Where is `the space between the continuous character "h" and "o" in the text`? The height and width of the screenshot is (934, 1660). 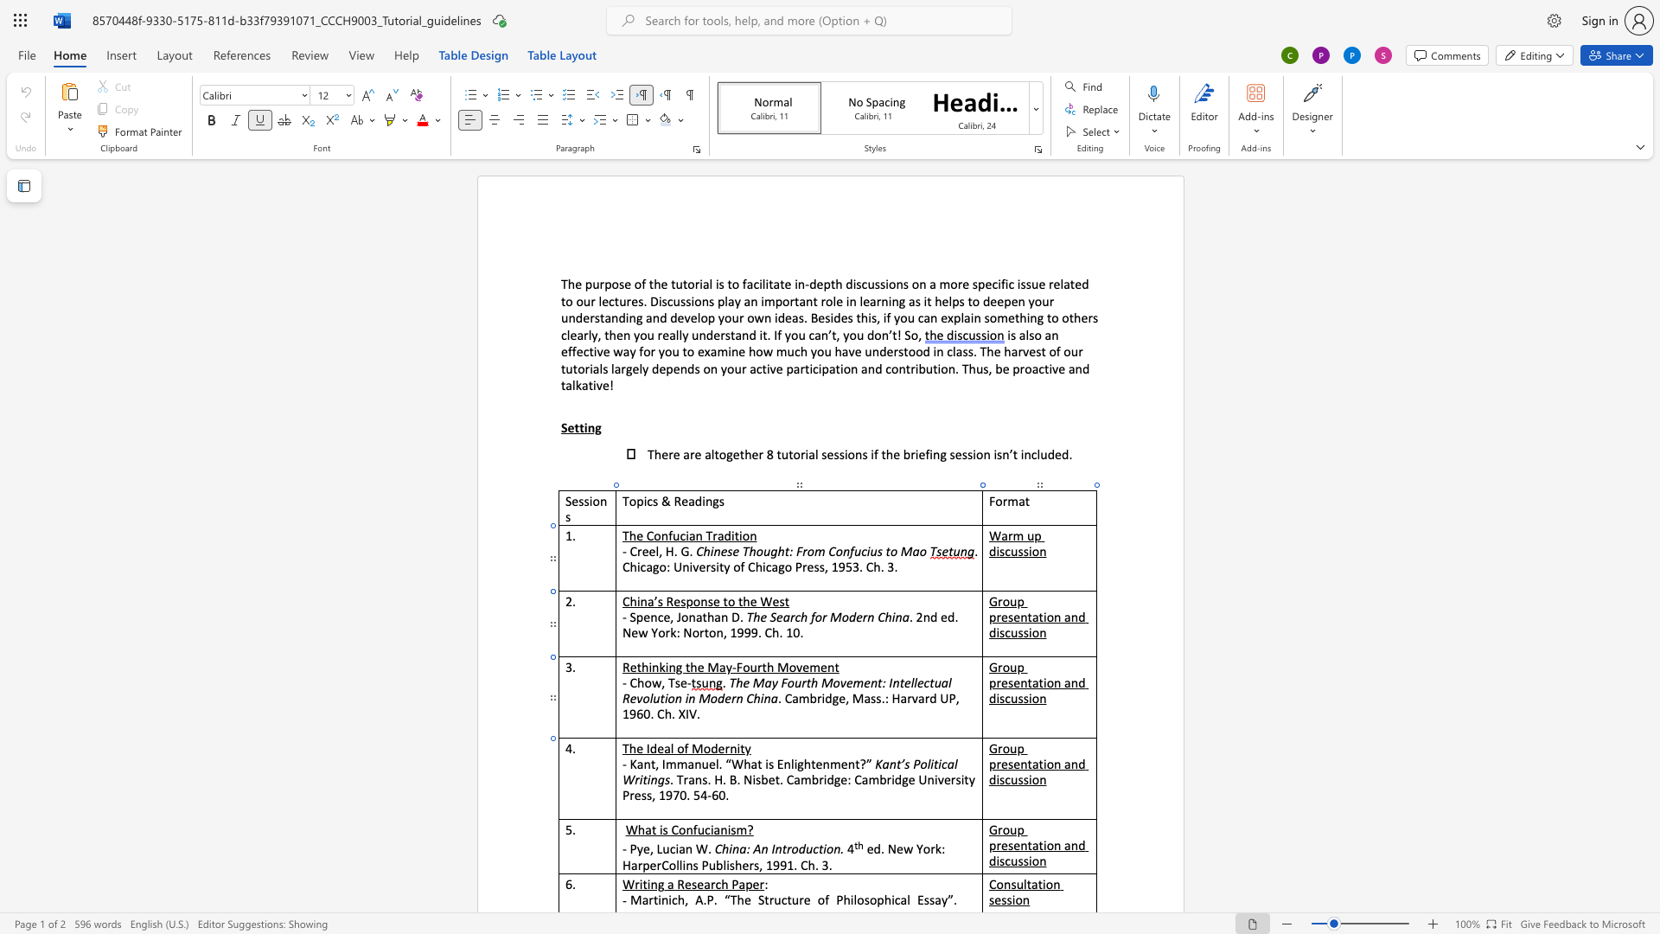 the space between the continuous character "h" and "o" in the text is located at coordinates (643, 681).